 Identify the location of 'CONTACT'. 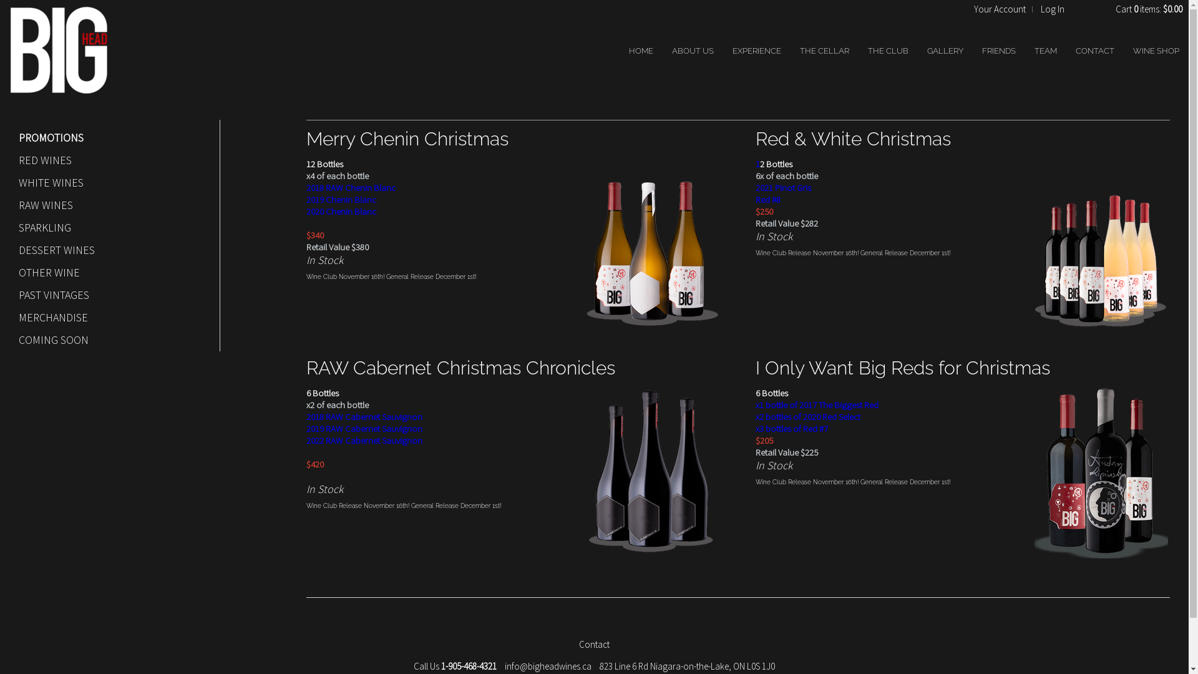
(1094, 50).